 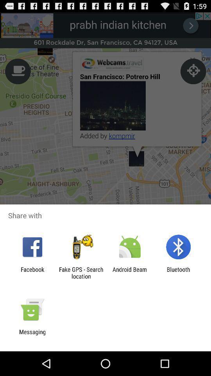 What do you see at coordinates (80, 273) in the screenshot?
I see `item next to the facebook app` at bounding box center [80, 273].